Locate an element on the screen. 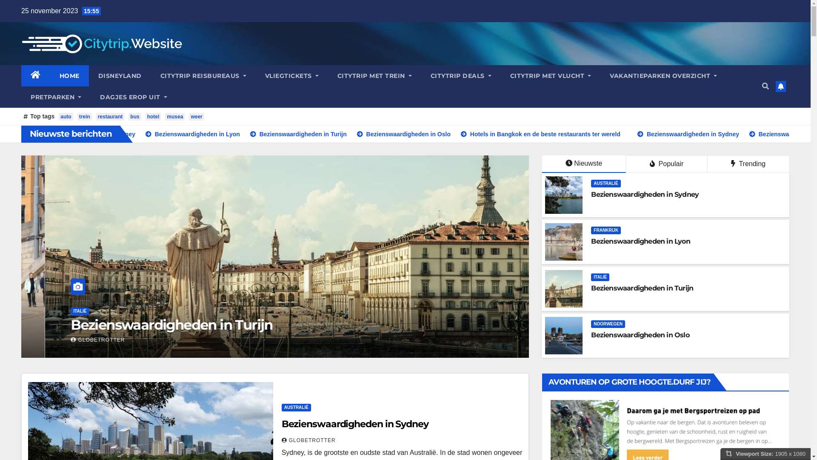  'Bezienswaardigheden in Oslo' is located at coordinates (640, 334).